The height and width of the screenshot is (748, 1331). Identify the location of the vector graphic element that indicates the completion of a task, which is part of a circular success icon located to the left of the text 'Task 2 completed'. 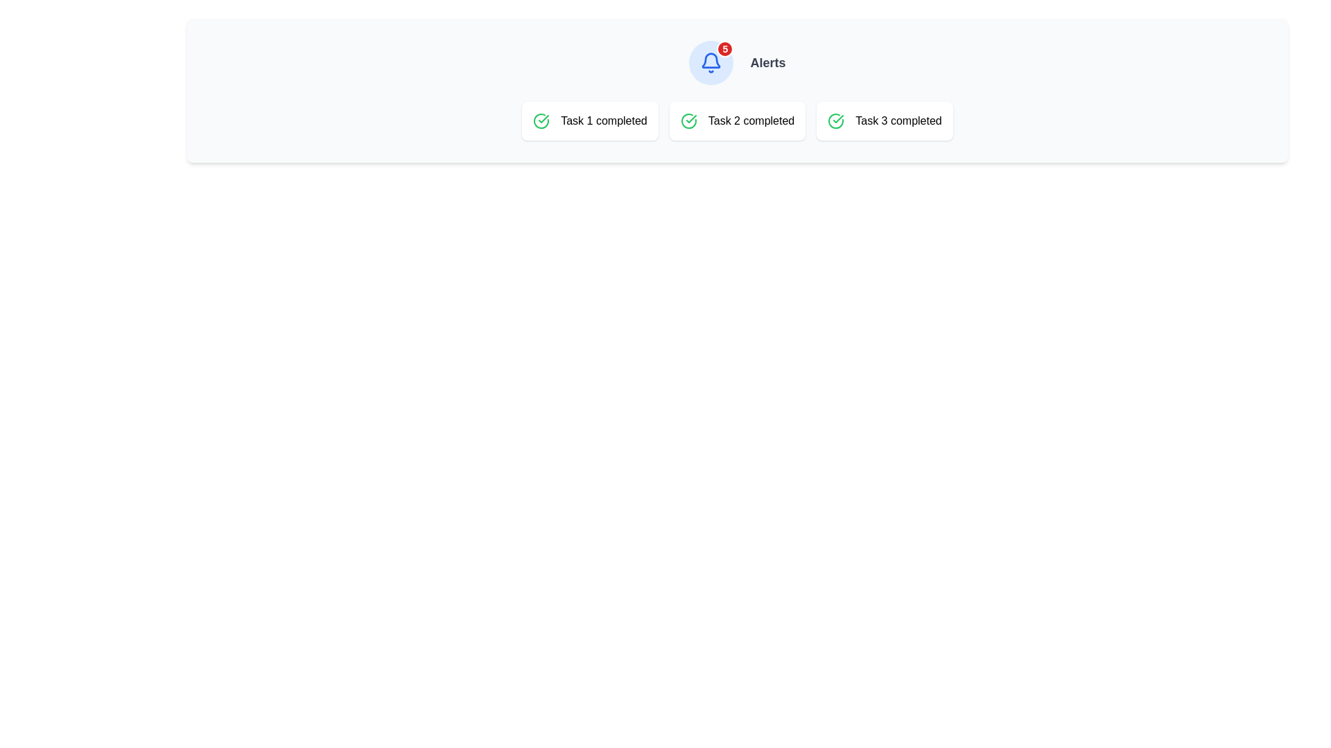
(837, 118).